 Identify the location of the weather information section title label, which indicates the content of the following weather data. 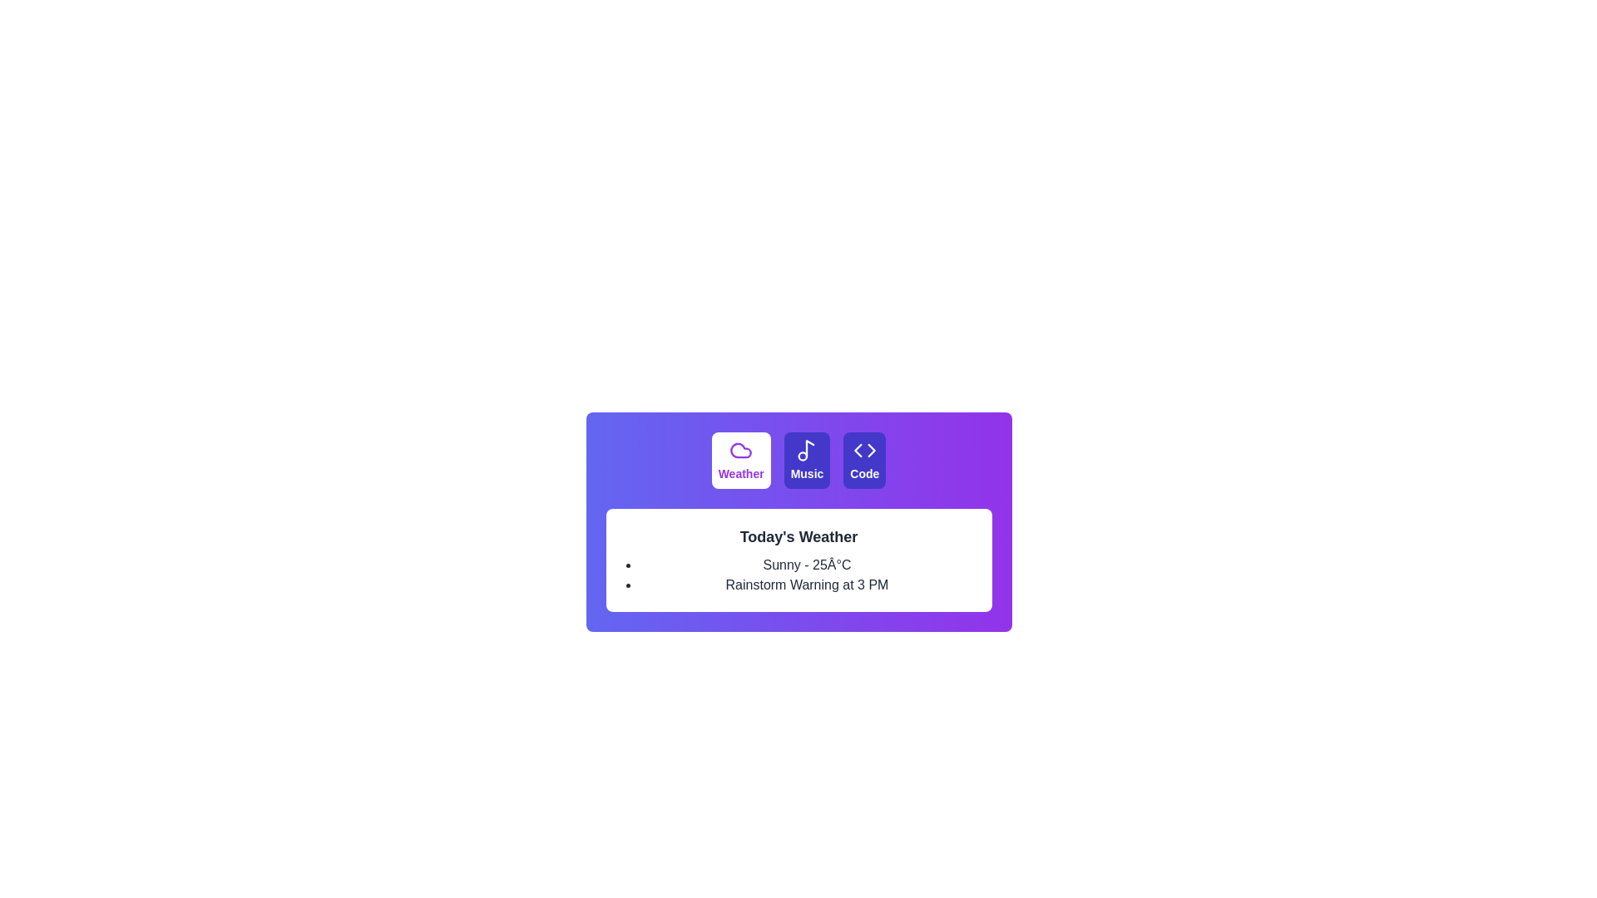
(798, 536).